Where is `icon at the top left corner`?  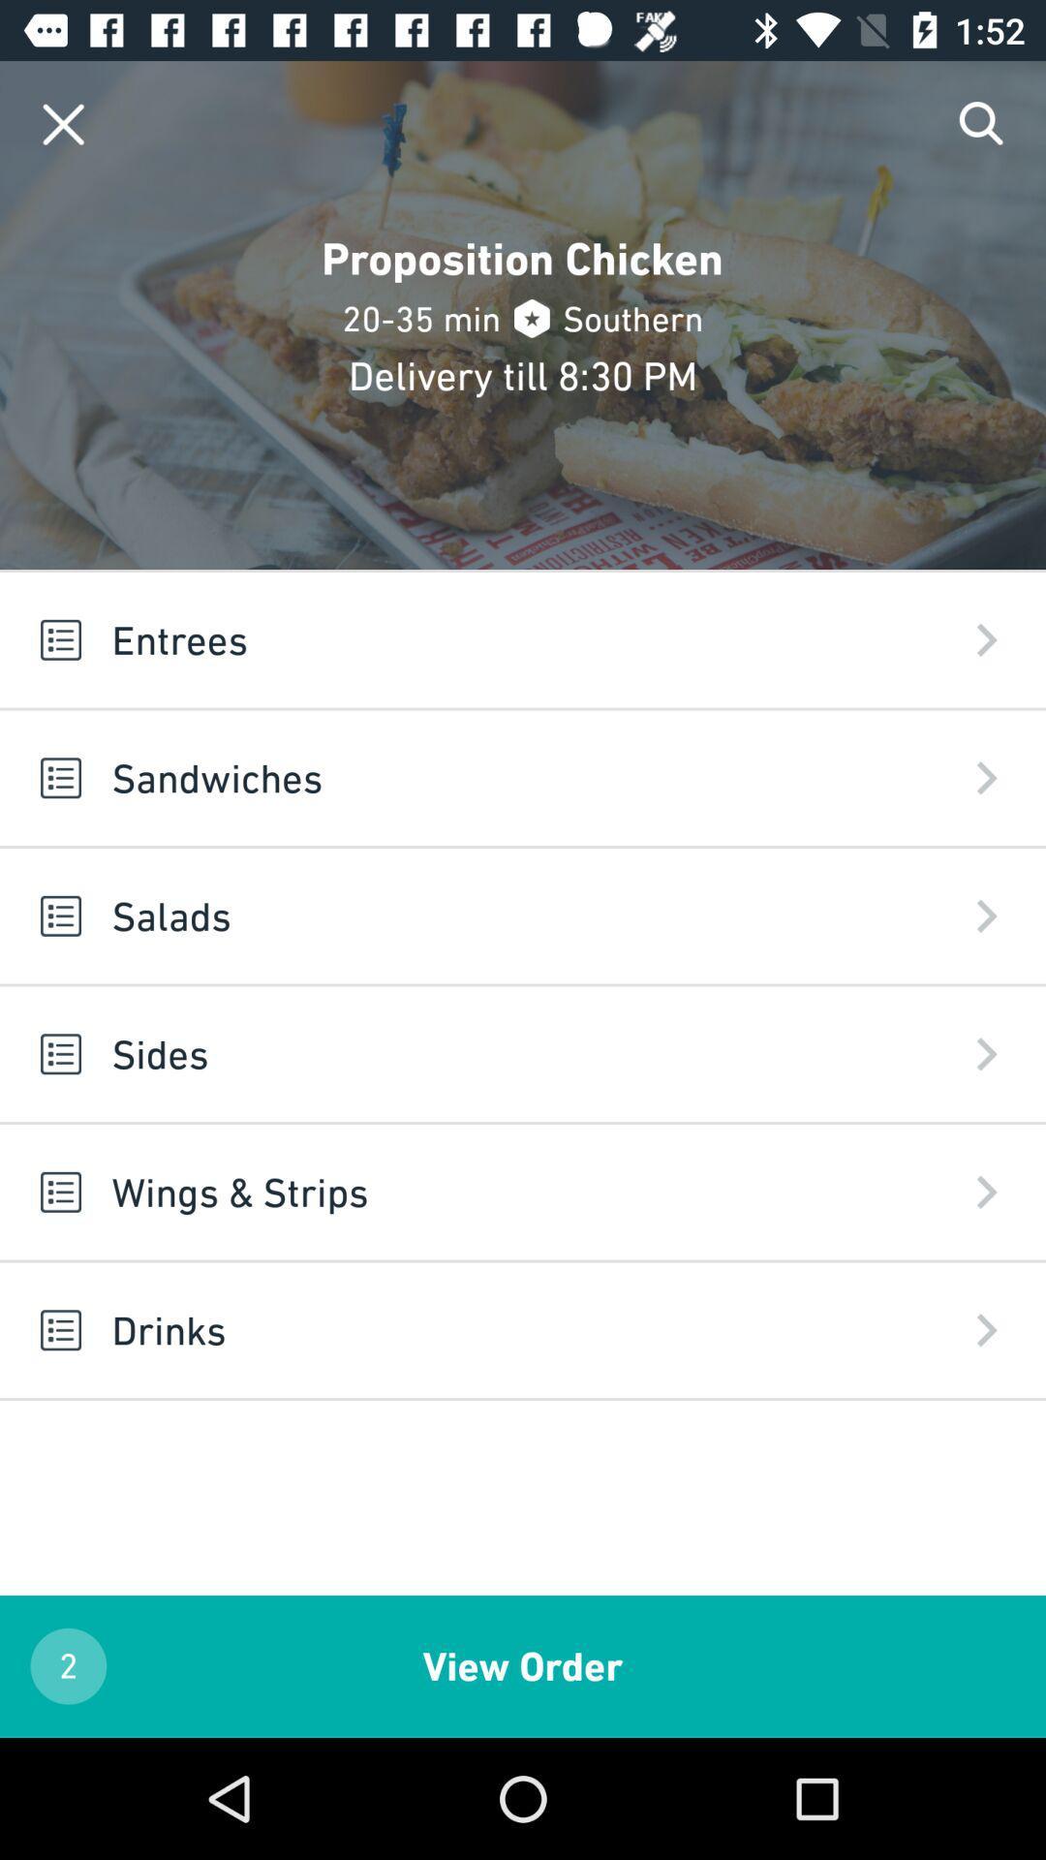
icon at the top left corner is located at coordinates (62, 123).